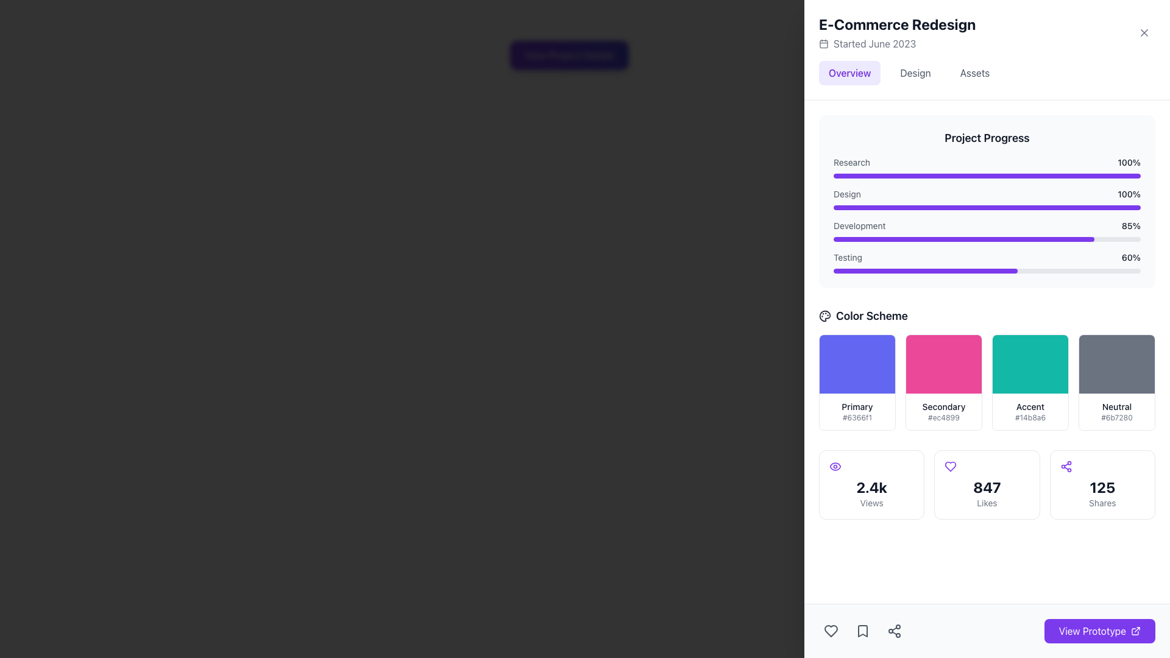 This screenshot has height=658, width=1170. Describe the element at coordinates (1130, 225) in the screenshot. I see `the text label indicating the progress percentage (85%) for the 'Development' task, located to the right of the 'Development' label in the progress overview section` at that location.